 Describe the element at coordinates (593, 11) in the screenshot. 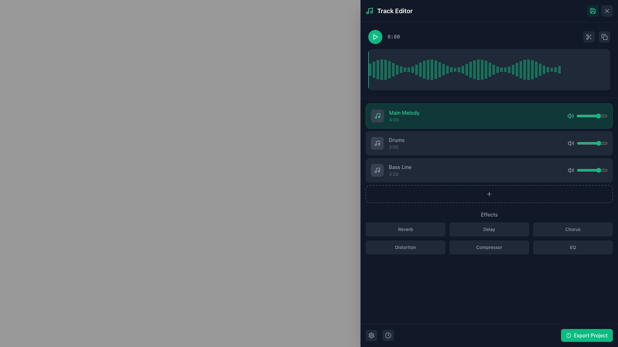

I see `the save icon located in the top-right corner of the interface` at that location.